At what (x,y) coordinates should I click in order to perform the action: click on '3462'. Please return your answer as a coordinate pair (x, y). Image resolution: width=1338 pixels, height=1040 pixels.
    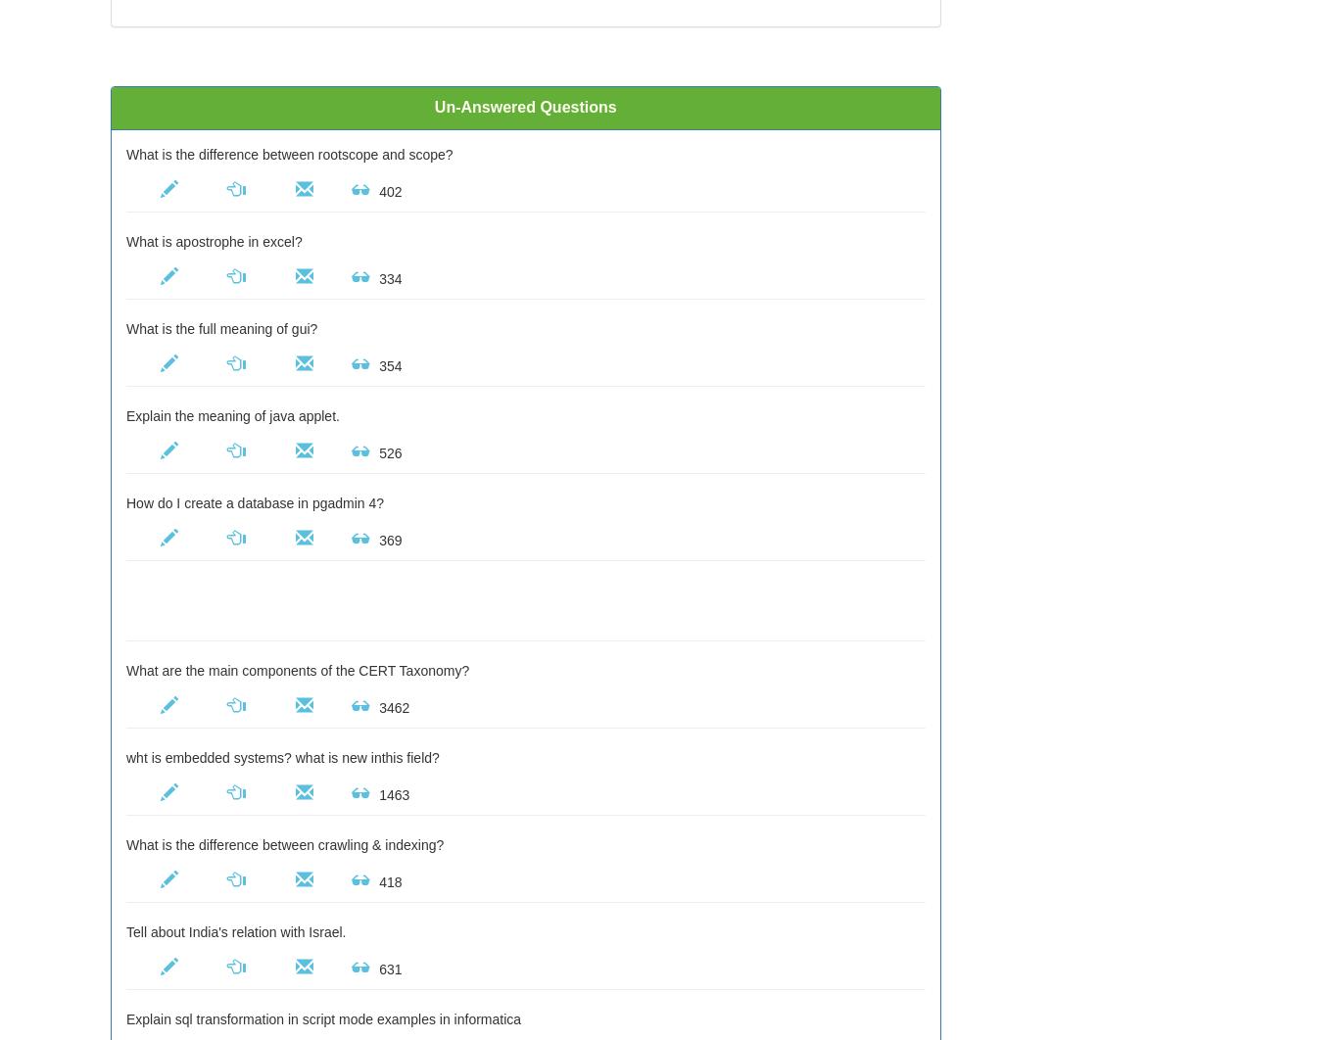
    Looking at the image, I should click on (391, 708).